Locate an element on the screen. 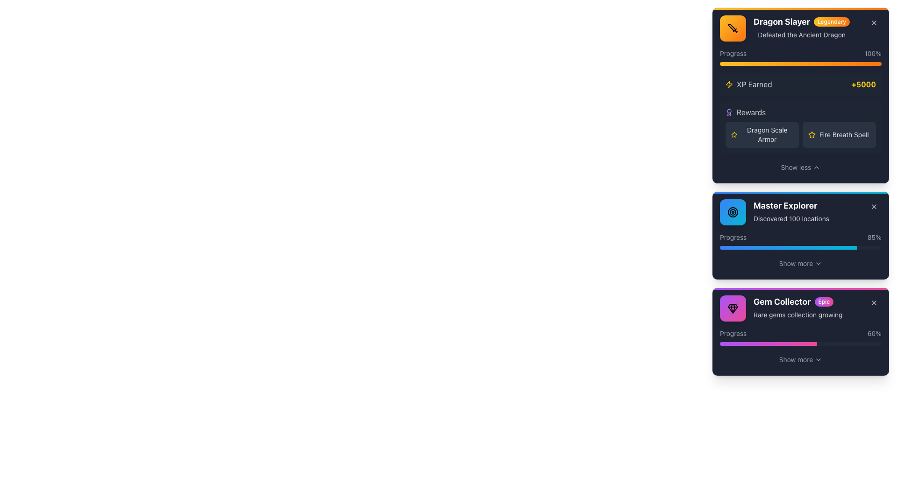  the progress bar located at the bottom section of the 'Gem Collector' card, beneath the text 'Progress' and next to the percentage '60%' is located at coordinates (800, 343).